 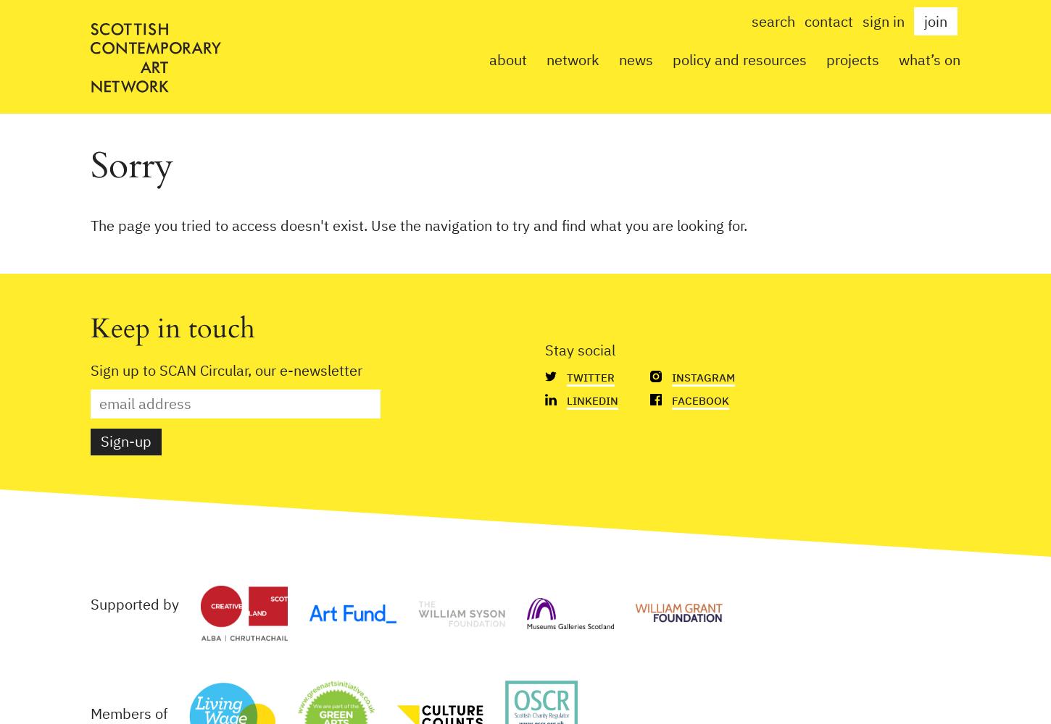 I want to click on 'Supported by', so click(x=134, y=603).